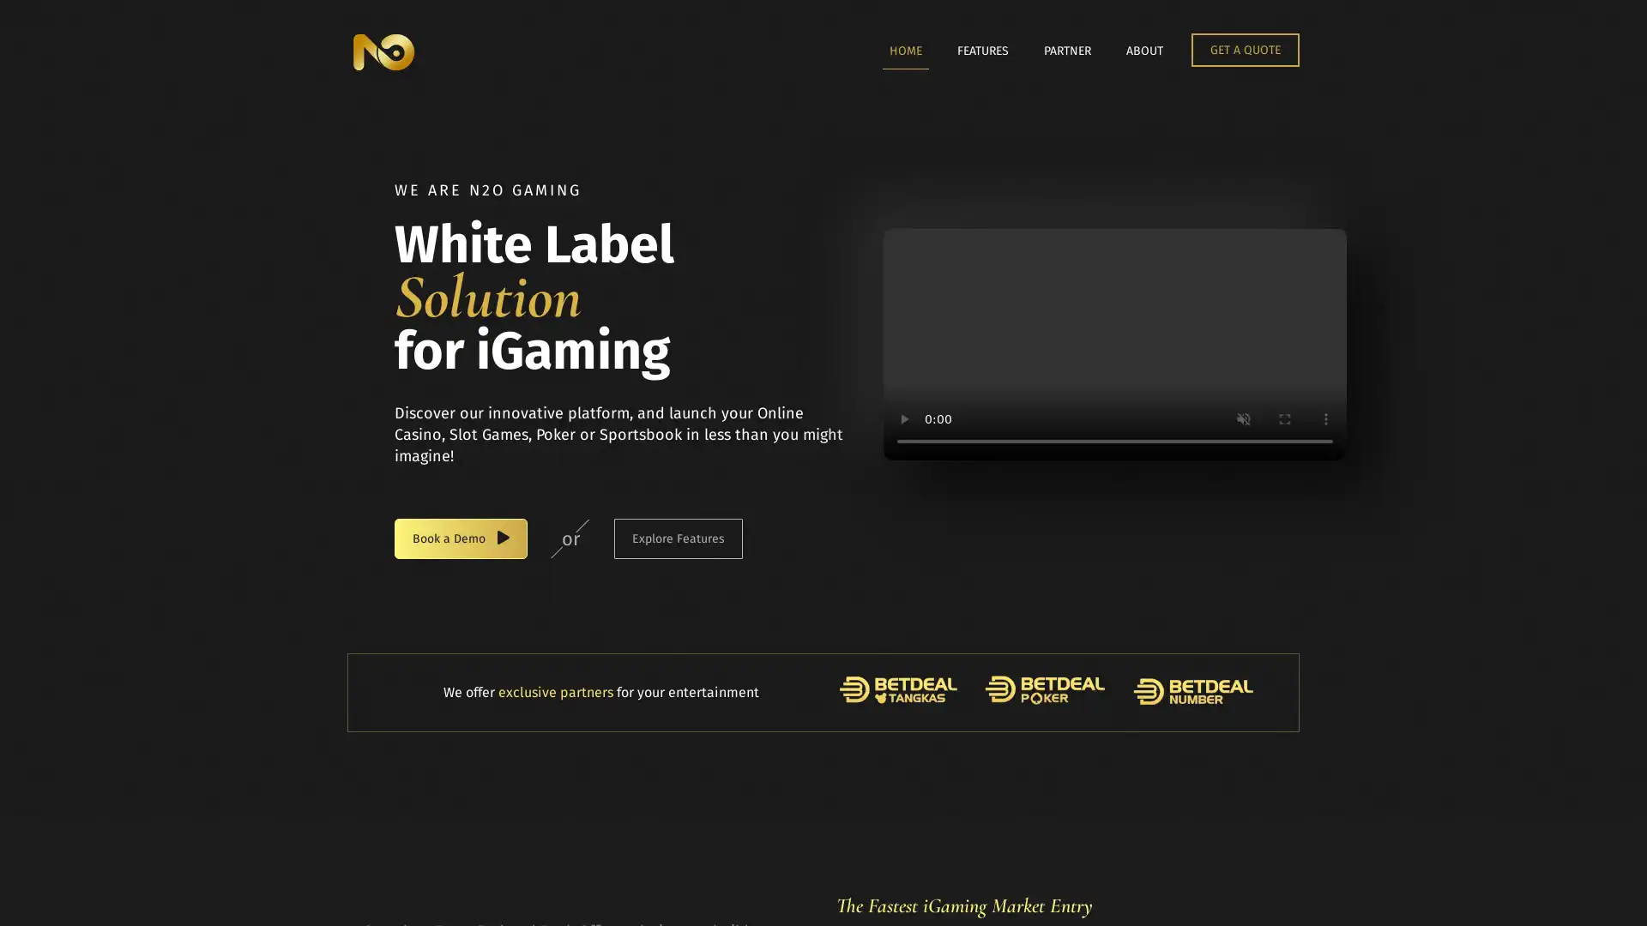 Image resolution: width=1647 pixels, height=926 pixels. I want to click on play, so click(903, 419).